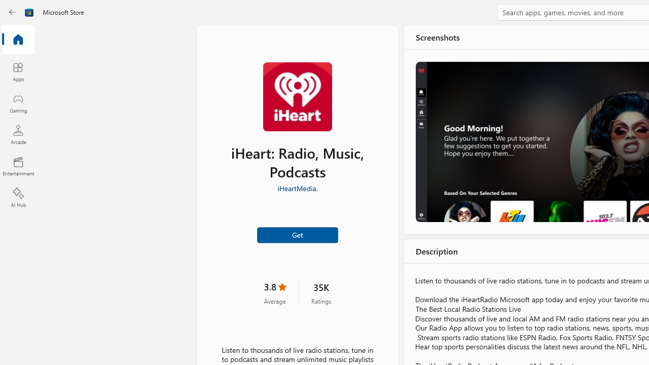  Describe the element at coordinates (297, 187) in the screenshot. I see `'iHeartMedia.'` at that location.